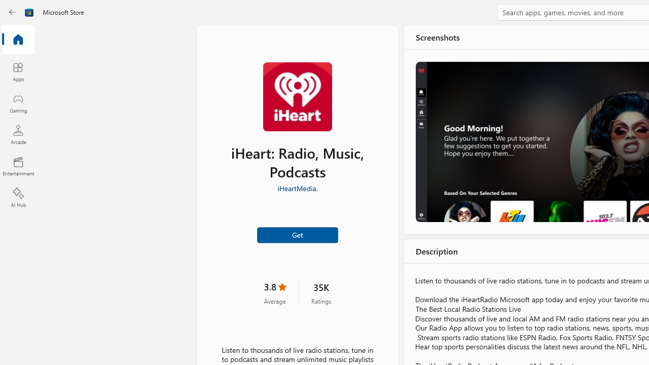  Describe the element at coordinates (297, 187) in the screenshot. I see `'iHeartMedia.'` at that location.